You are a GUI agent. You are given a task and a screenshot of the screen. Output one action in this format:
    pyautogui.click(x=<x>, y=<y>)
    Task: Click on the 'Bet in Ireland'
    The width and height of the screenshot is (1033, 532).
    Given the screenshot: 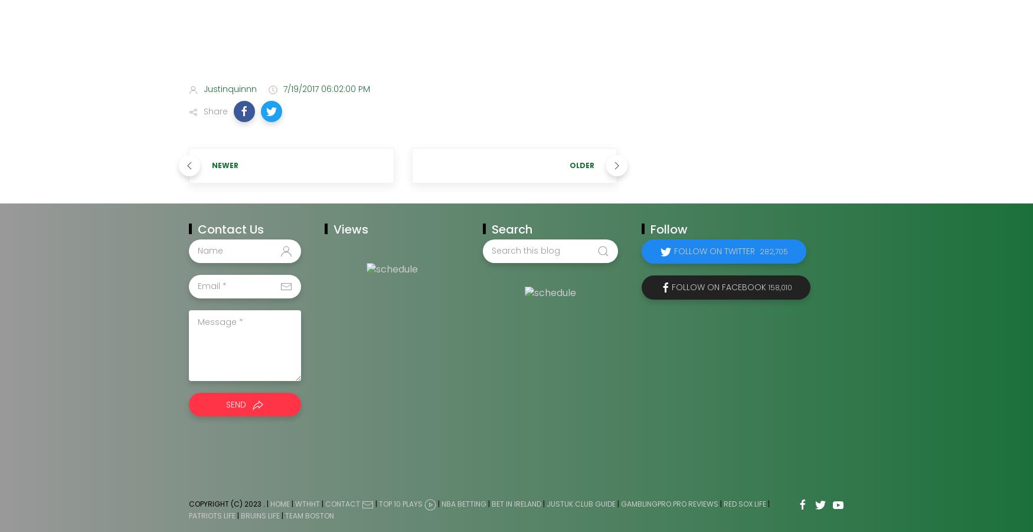 What is the action you would take?
    pyautogui.click(x=516, y=503)
    